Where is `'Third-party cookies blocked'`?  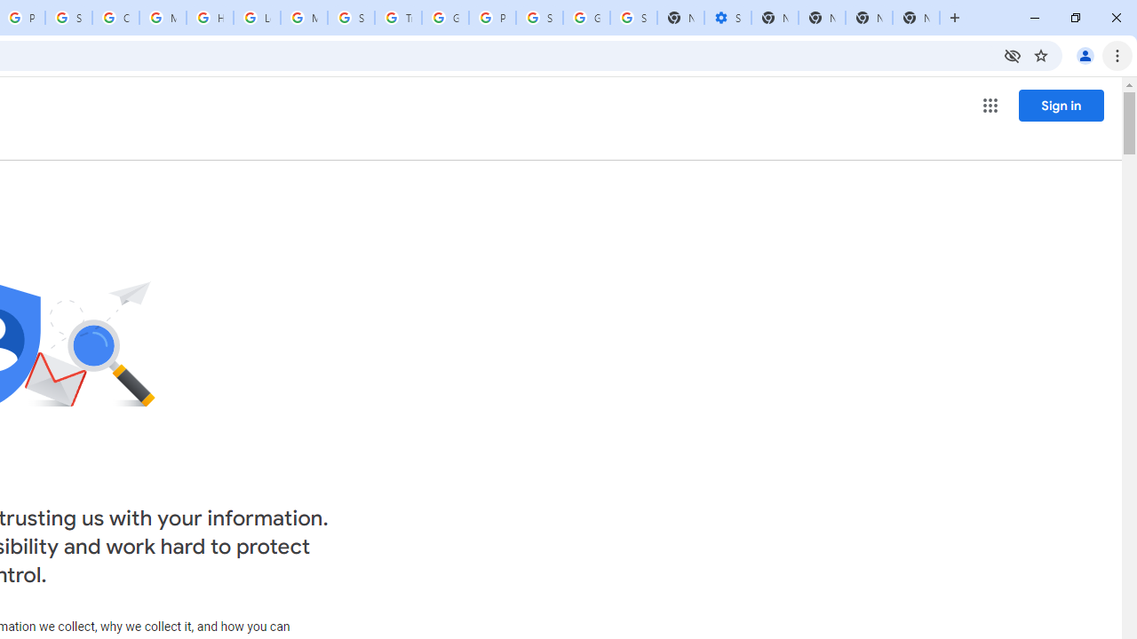
'Third-party cookies blocked' is located at coordinates (1012, 54).